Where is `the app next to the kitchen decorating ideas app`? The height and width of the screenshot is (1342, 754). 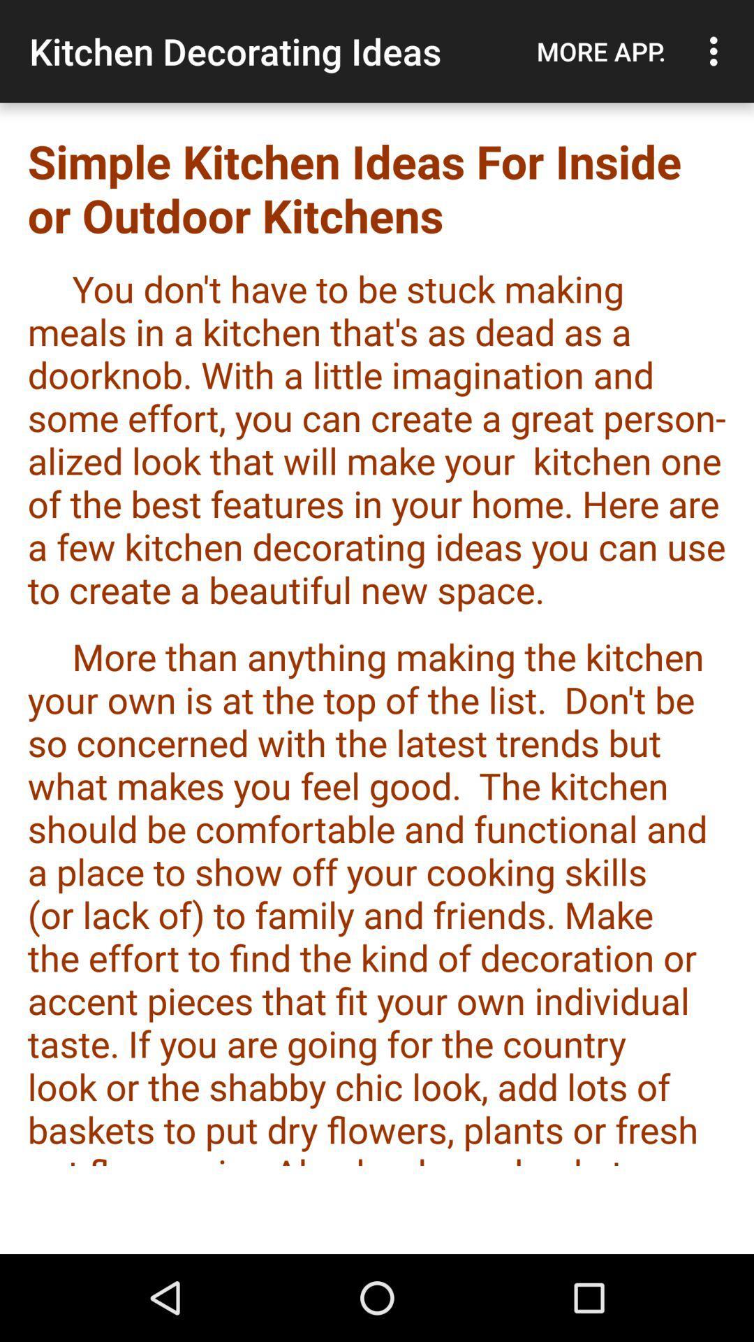
the app next to the kitchen decorating ideas app is located at coordinates (600, 51).